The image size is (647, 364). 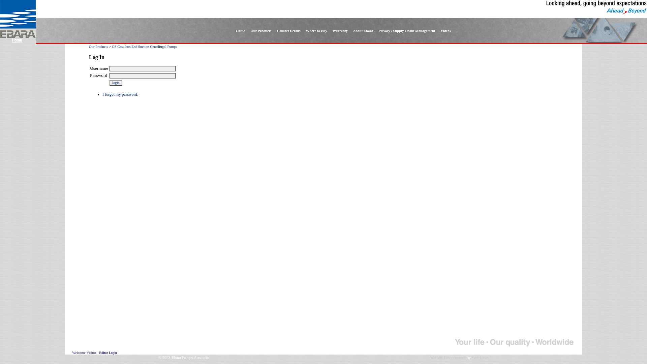 I want to click on 'Warranty', so click(x=340, y=31).